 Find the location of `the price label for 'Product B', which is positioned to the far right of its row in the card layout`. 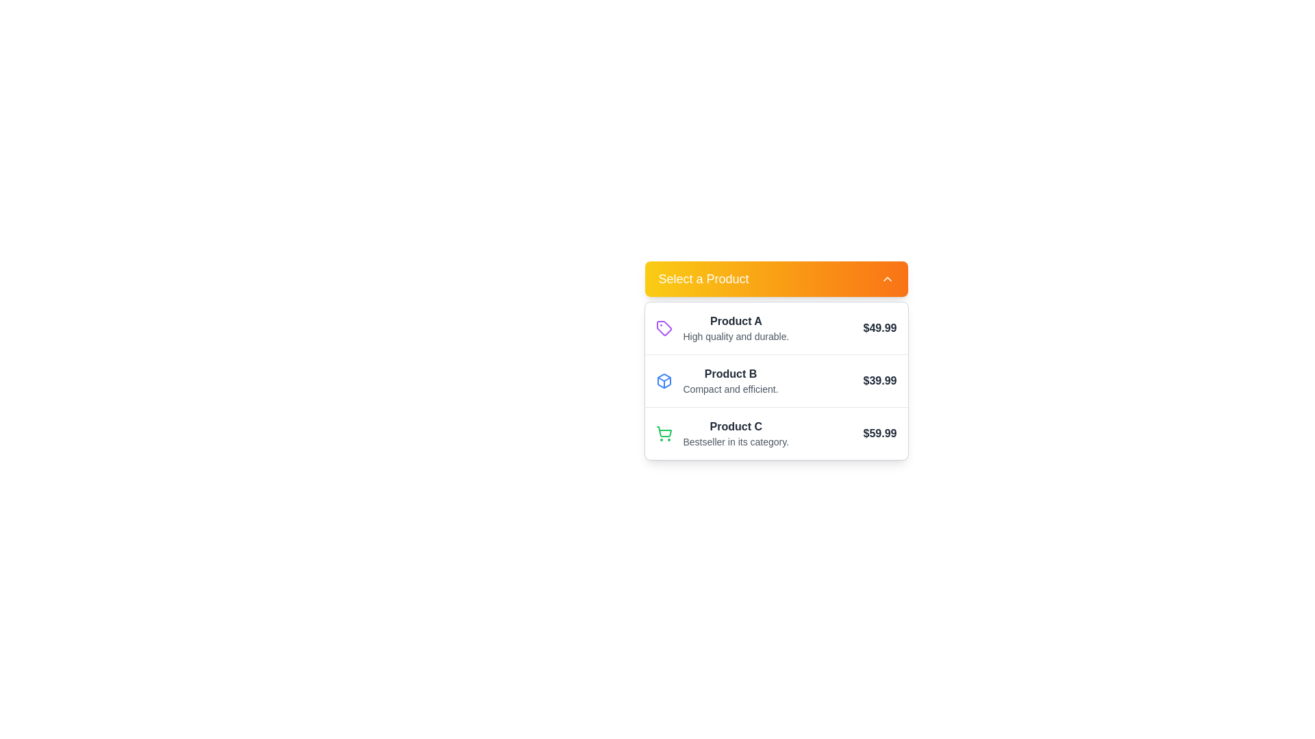

the price label for 'Product B', which is positioned to the far right of its row in the card layout is located at coordinates (880, 380).